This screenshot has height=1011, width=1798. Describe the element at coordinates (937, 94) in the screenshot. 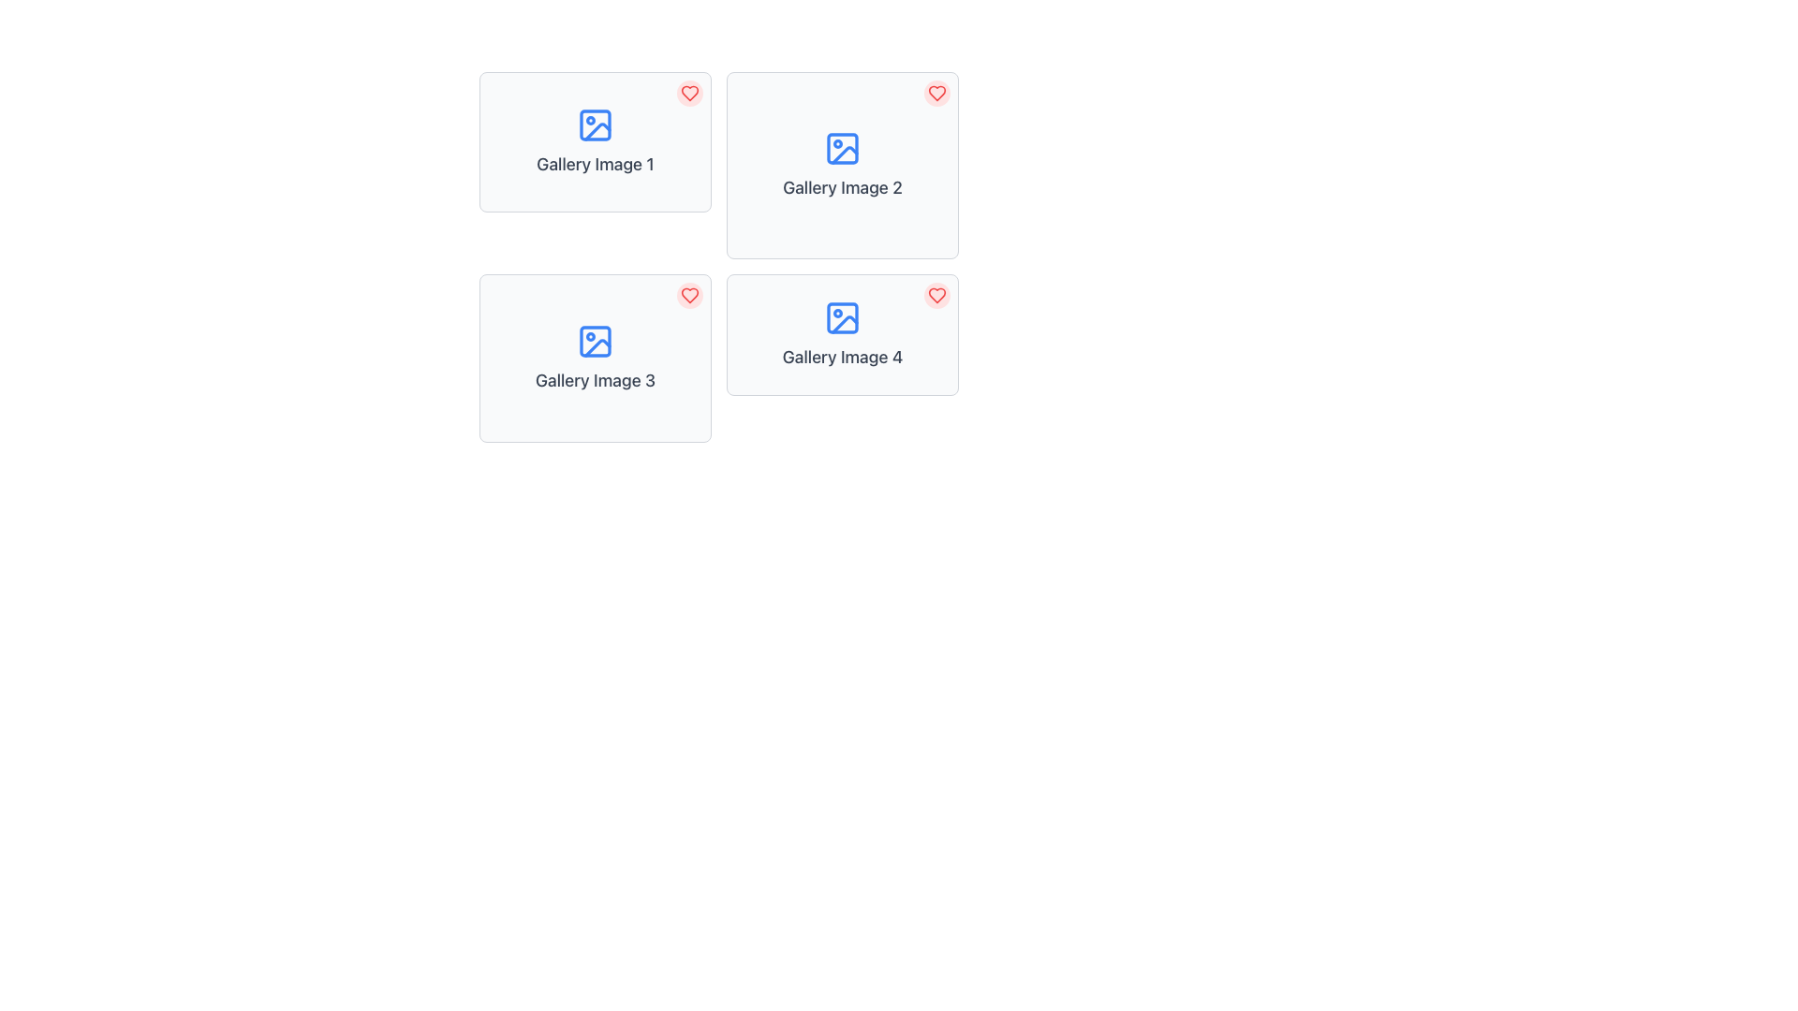

I see `the 'favorite' or 'like' button` at that location.